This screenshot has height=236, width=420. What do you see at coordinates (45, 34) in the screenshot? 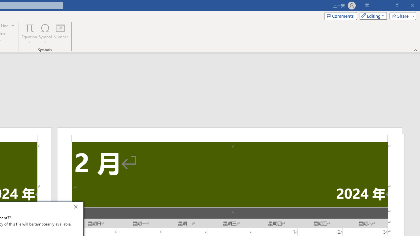
I see `'Symbol'` at bounding box center [45, 34].